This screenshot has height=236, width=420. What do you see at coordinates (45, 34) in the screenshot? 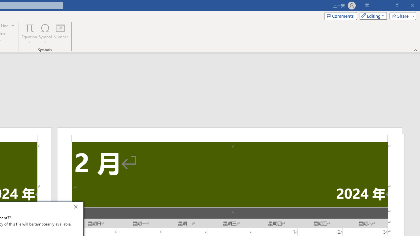
I see `'Symbol'` at bounding box center [45, 34].